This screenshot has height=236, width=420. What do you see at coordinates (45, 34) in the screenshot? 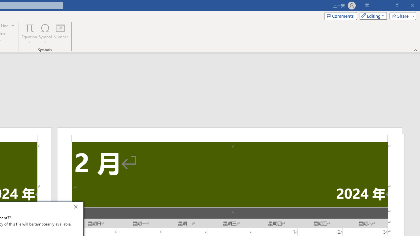
I see `'Symbol'` at bounding box center [45, 34].